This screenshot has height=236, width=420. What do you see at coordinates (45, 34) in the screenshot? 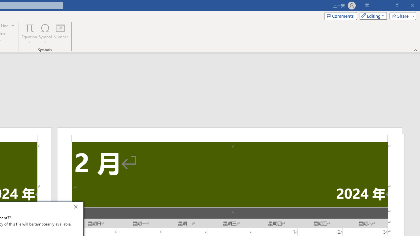
I see `'Symbol'` at bounding box center [45, 34].